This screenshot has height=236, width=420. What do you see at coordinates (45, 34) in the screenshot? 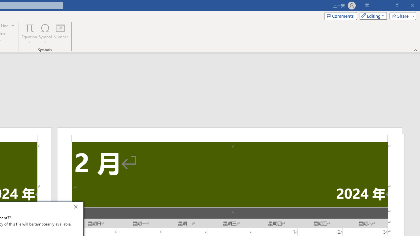
I see `'Symbol'` at bounding box center [45, 34].